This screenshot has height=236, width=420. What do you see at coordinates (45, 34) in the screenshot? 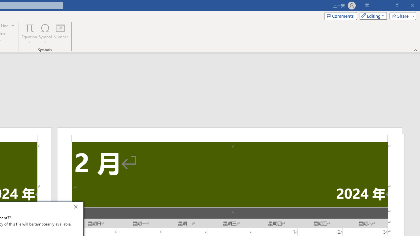
I see `'Symbol'` at bounding box center [45, 34].